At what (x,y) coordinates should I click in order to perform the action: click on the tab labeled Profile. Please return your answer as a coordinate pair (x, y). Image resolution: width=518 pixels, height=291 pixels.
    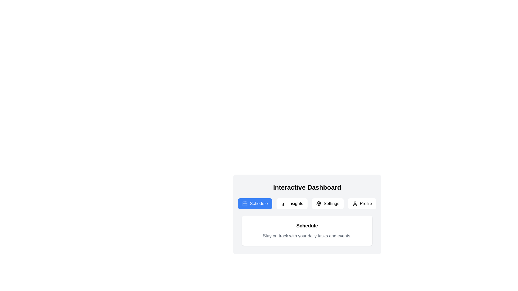
    Looking at the image, I should click on (362, 204).